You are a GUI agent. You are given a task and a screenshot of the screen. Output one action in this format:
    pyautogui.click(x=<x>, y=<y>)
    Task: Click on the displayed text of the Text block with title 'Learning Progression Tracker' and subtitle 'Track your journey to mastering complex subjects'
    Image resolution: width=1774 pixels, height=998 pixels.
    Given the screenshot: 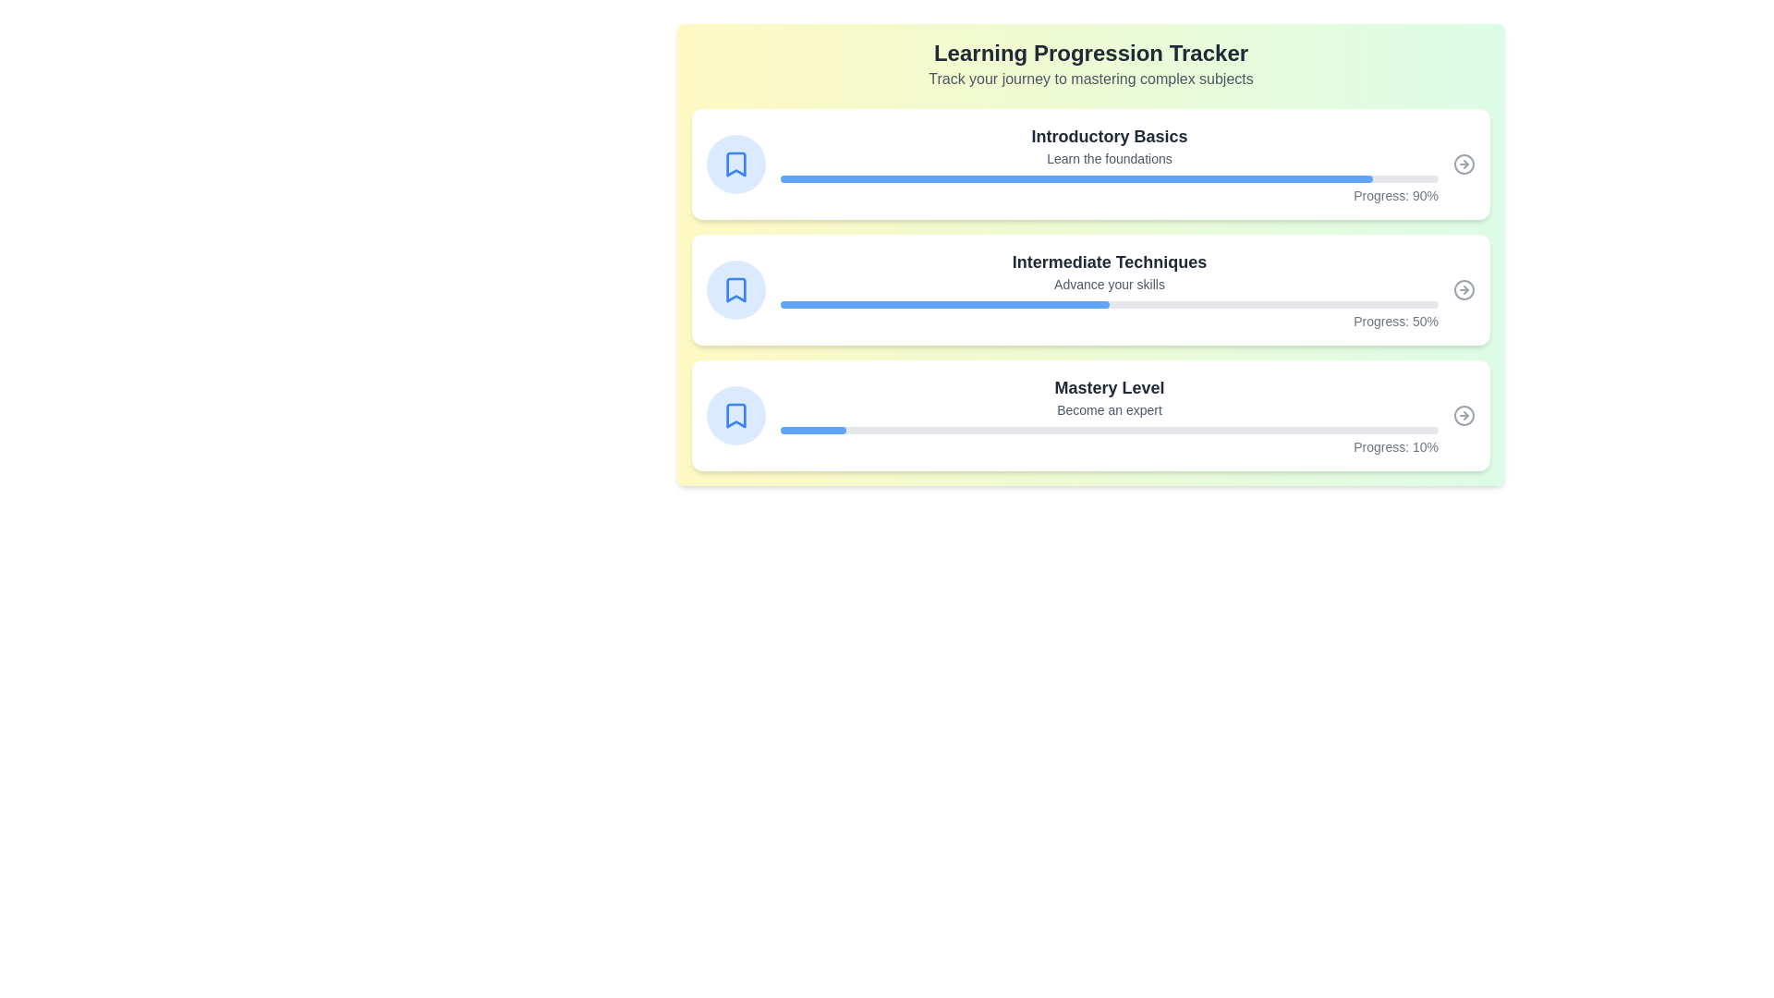 What is the action you would take?
    pyautogui.click(x=1090, y=63)
    